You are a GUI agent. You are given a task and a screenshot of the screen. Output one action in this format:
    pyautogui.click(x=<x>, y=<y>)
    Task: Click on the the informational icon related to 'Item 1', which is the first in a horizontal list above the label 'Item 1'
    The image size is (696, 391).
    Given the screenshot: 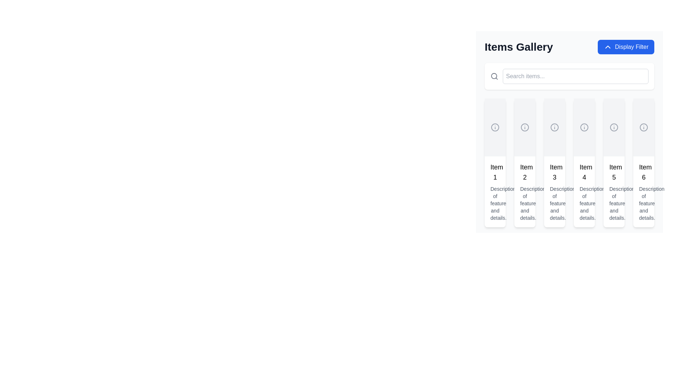 What is the action you would take?
    pyautogui.click(x=495, y=127)
    